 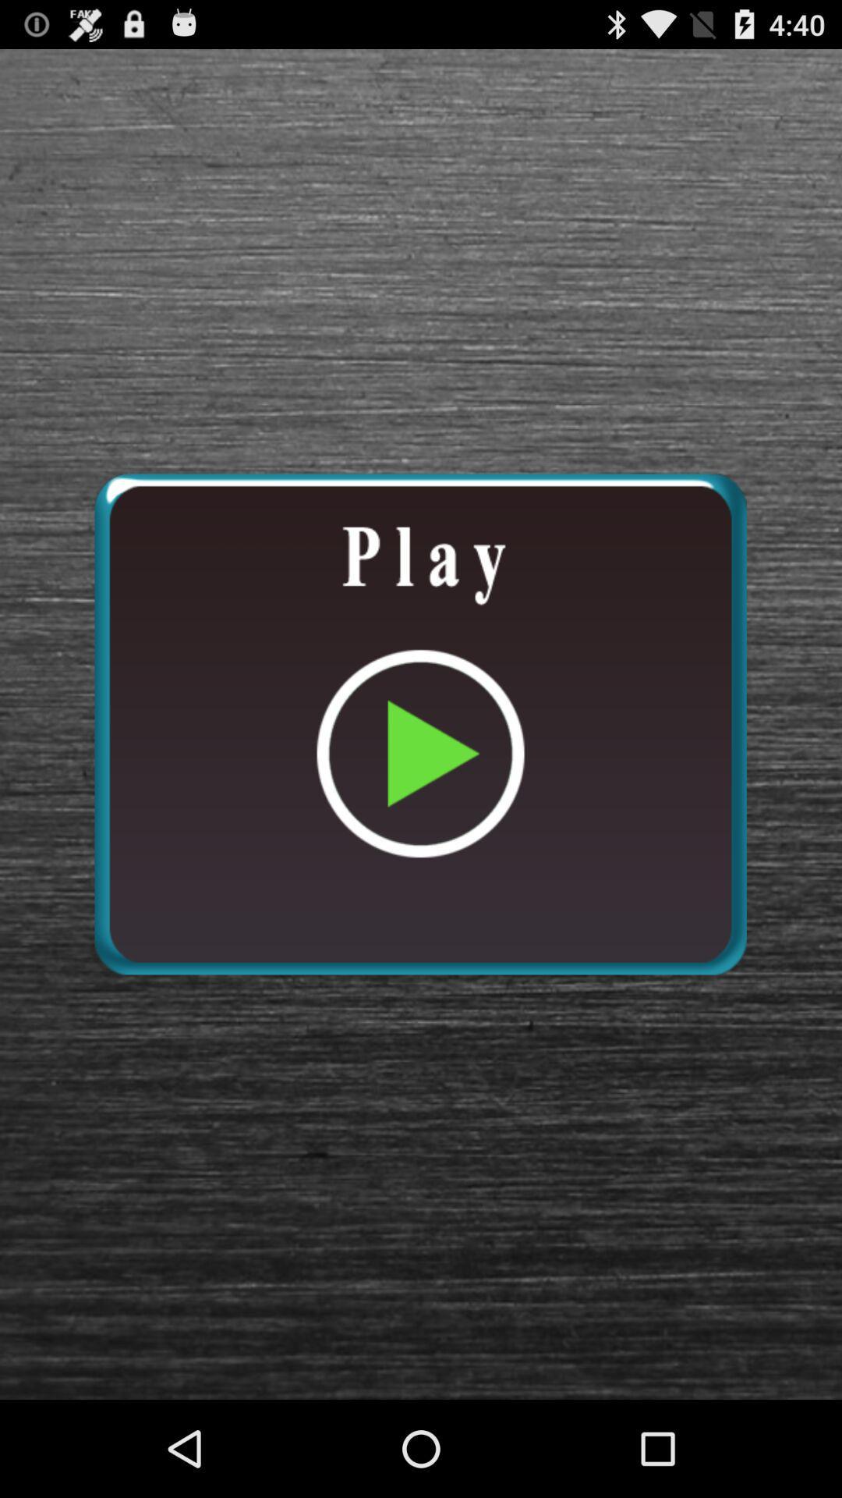 I want to click on the audio play, so click(x=419, y=723).